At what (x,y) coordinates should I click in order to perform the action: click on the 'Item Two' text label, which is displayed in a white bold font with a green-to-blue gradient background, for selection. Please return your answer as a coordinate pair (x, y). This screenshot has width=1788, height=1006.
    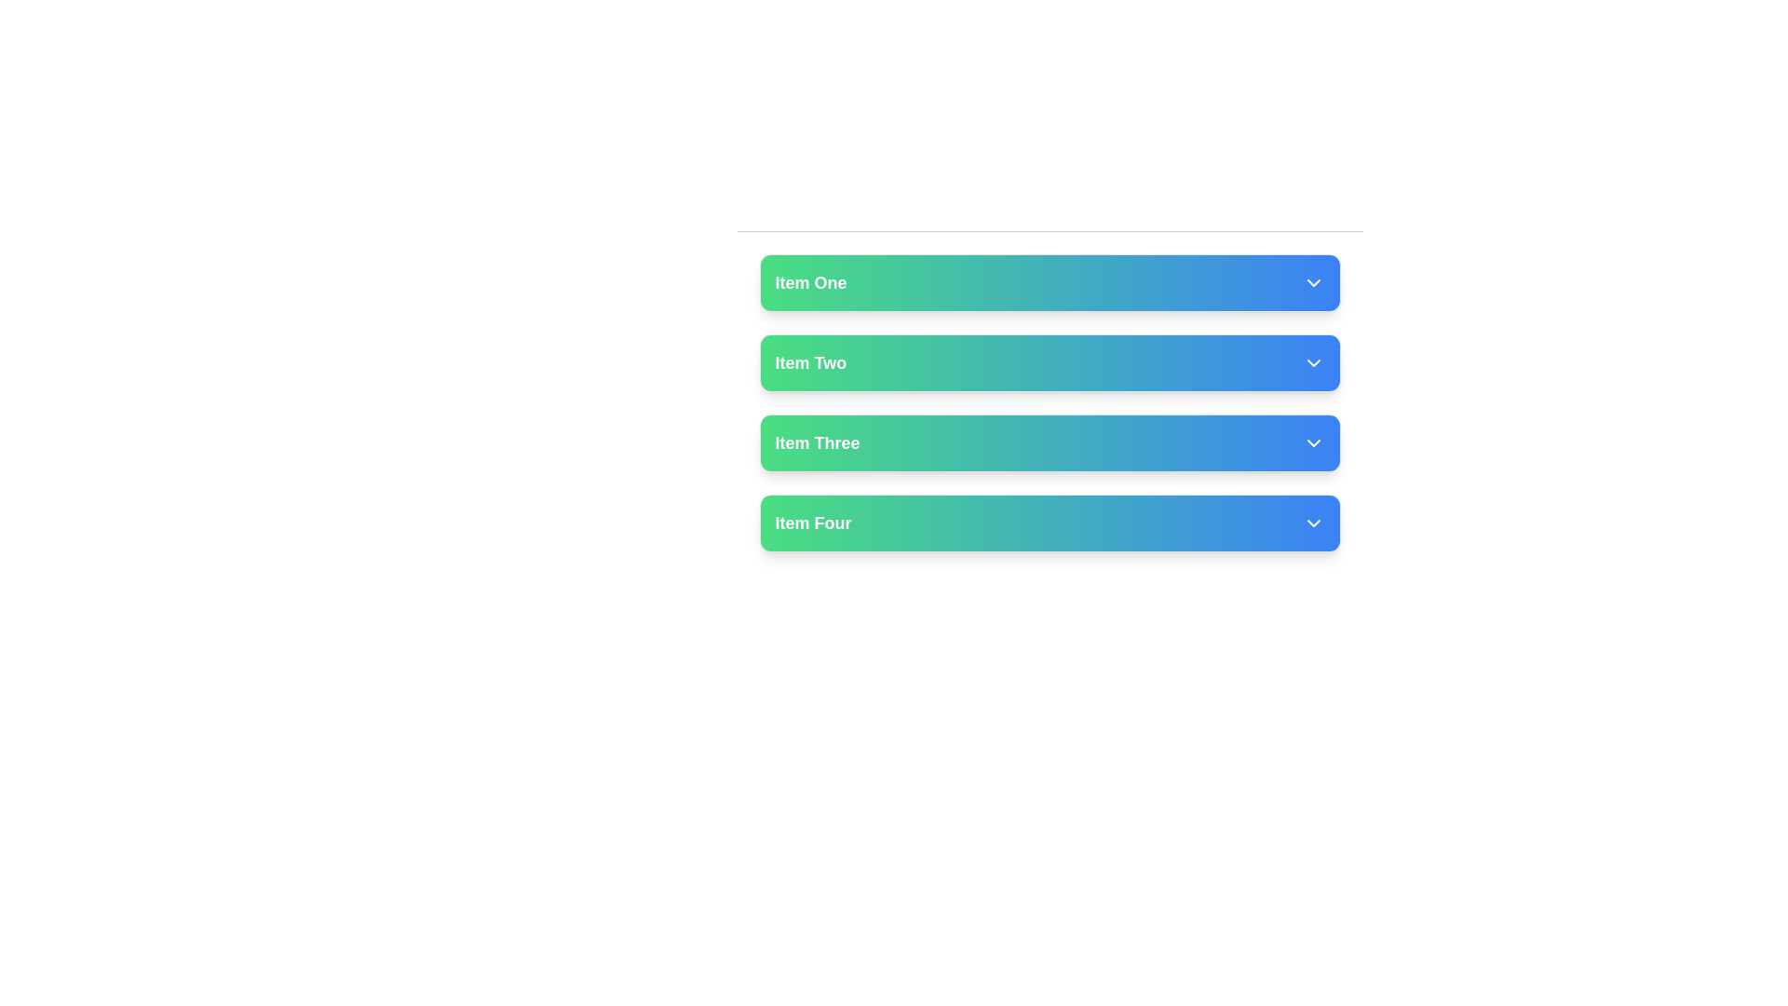
    Looking at the image, I should click on (810, 362).